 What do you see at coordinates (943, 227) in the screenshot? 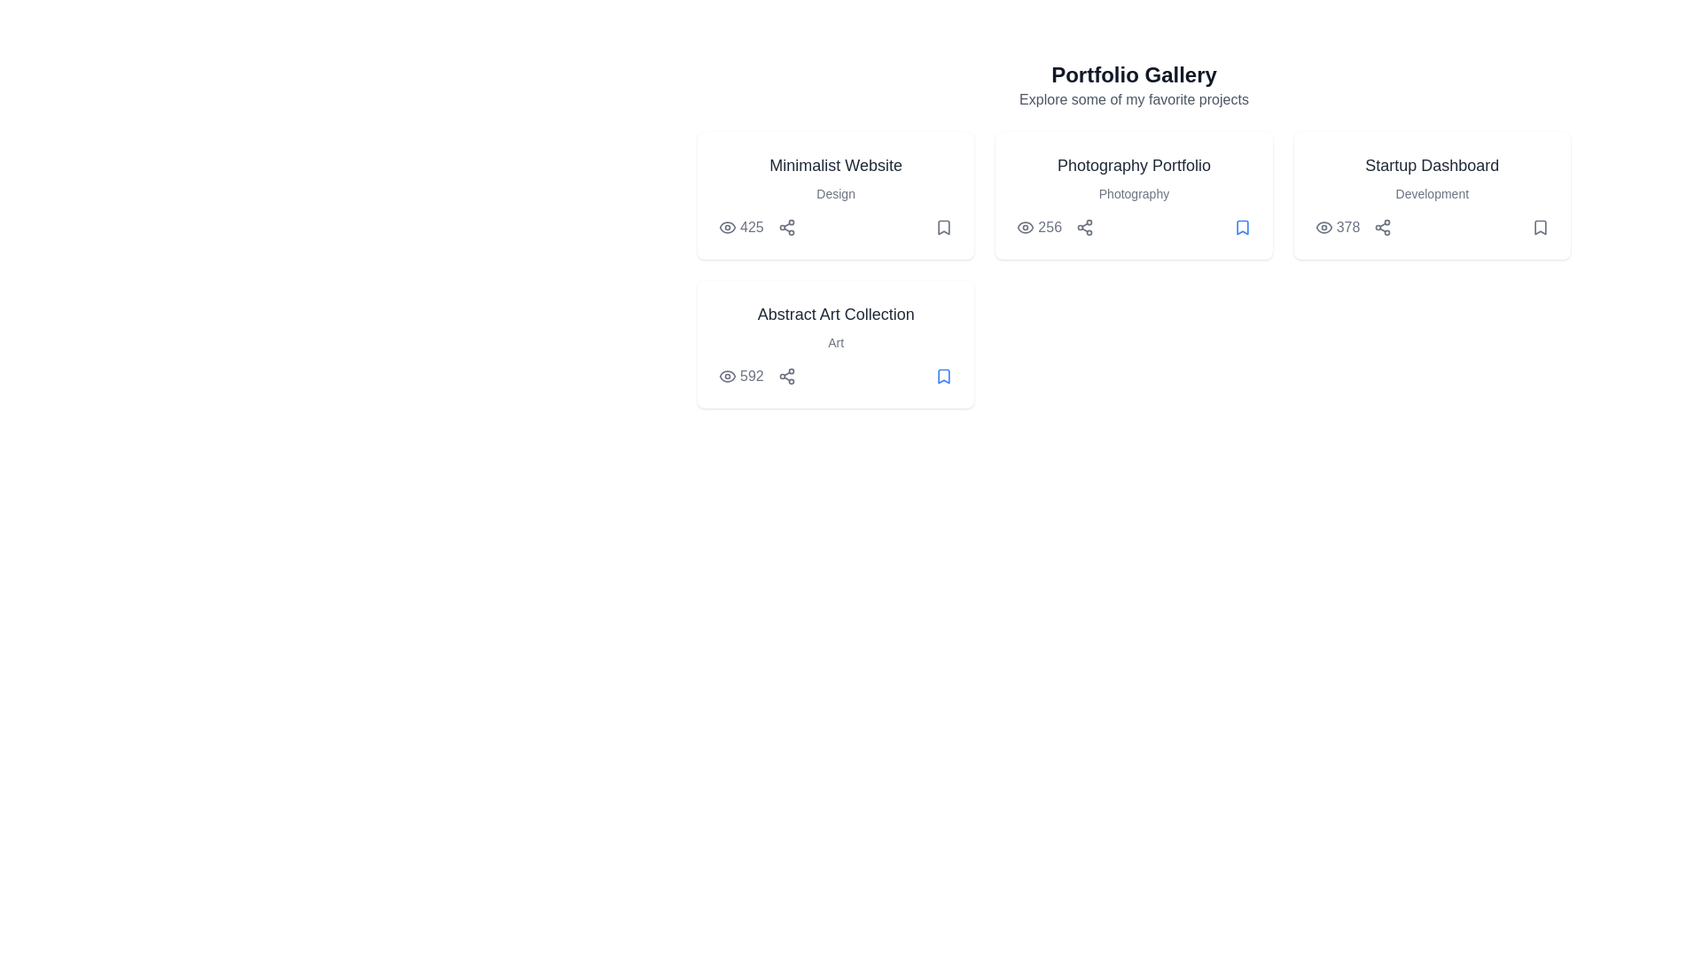
I see `the bookmark icon button located in the second card of the top row, which toggles the bookmark status for the project detail` at bounding box center [943, 227].